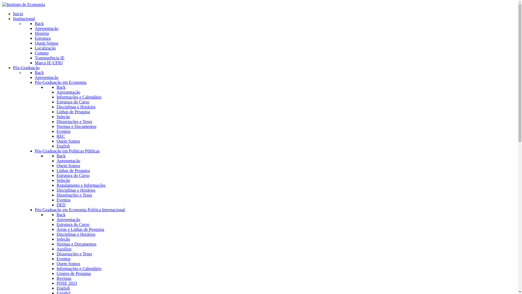  What do you see at coordinates (56, 131) in the screenshot?
I see `'Eventos'` at bounding box center [56, 131].